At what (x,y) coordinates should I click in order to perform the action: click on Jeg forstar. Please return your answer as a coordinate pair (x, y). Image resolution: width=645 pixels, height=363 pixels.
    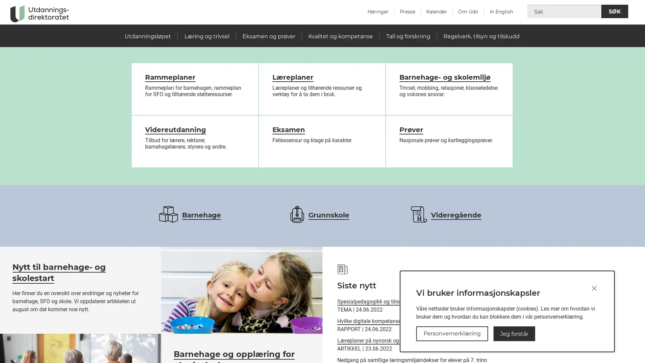
    Looking at the image, I should click on (514, 333).